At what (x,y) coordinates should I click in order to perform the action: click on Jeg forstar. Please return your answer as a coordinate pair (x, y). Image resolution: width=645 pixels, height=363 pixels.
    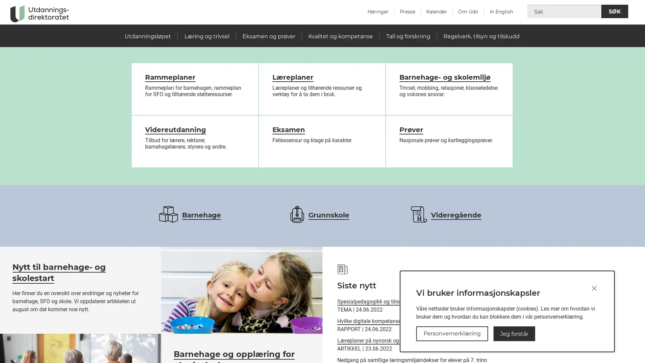
    Looking at the image, I should click on (514, 333).